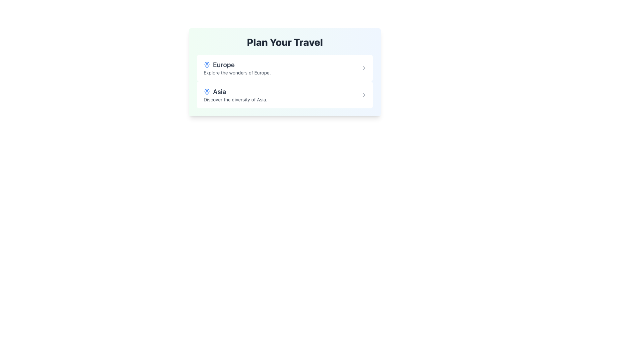 The width and height of the screenshot is (639, 359). Describe the element at coordinates (237, 73) in the screenshot. I see `the text block containing the phrase 'Explore the wonders of Europe.' which is styled in a smaller grayish font and positioned beneath the main heading 'Europe'` at that location.